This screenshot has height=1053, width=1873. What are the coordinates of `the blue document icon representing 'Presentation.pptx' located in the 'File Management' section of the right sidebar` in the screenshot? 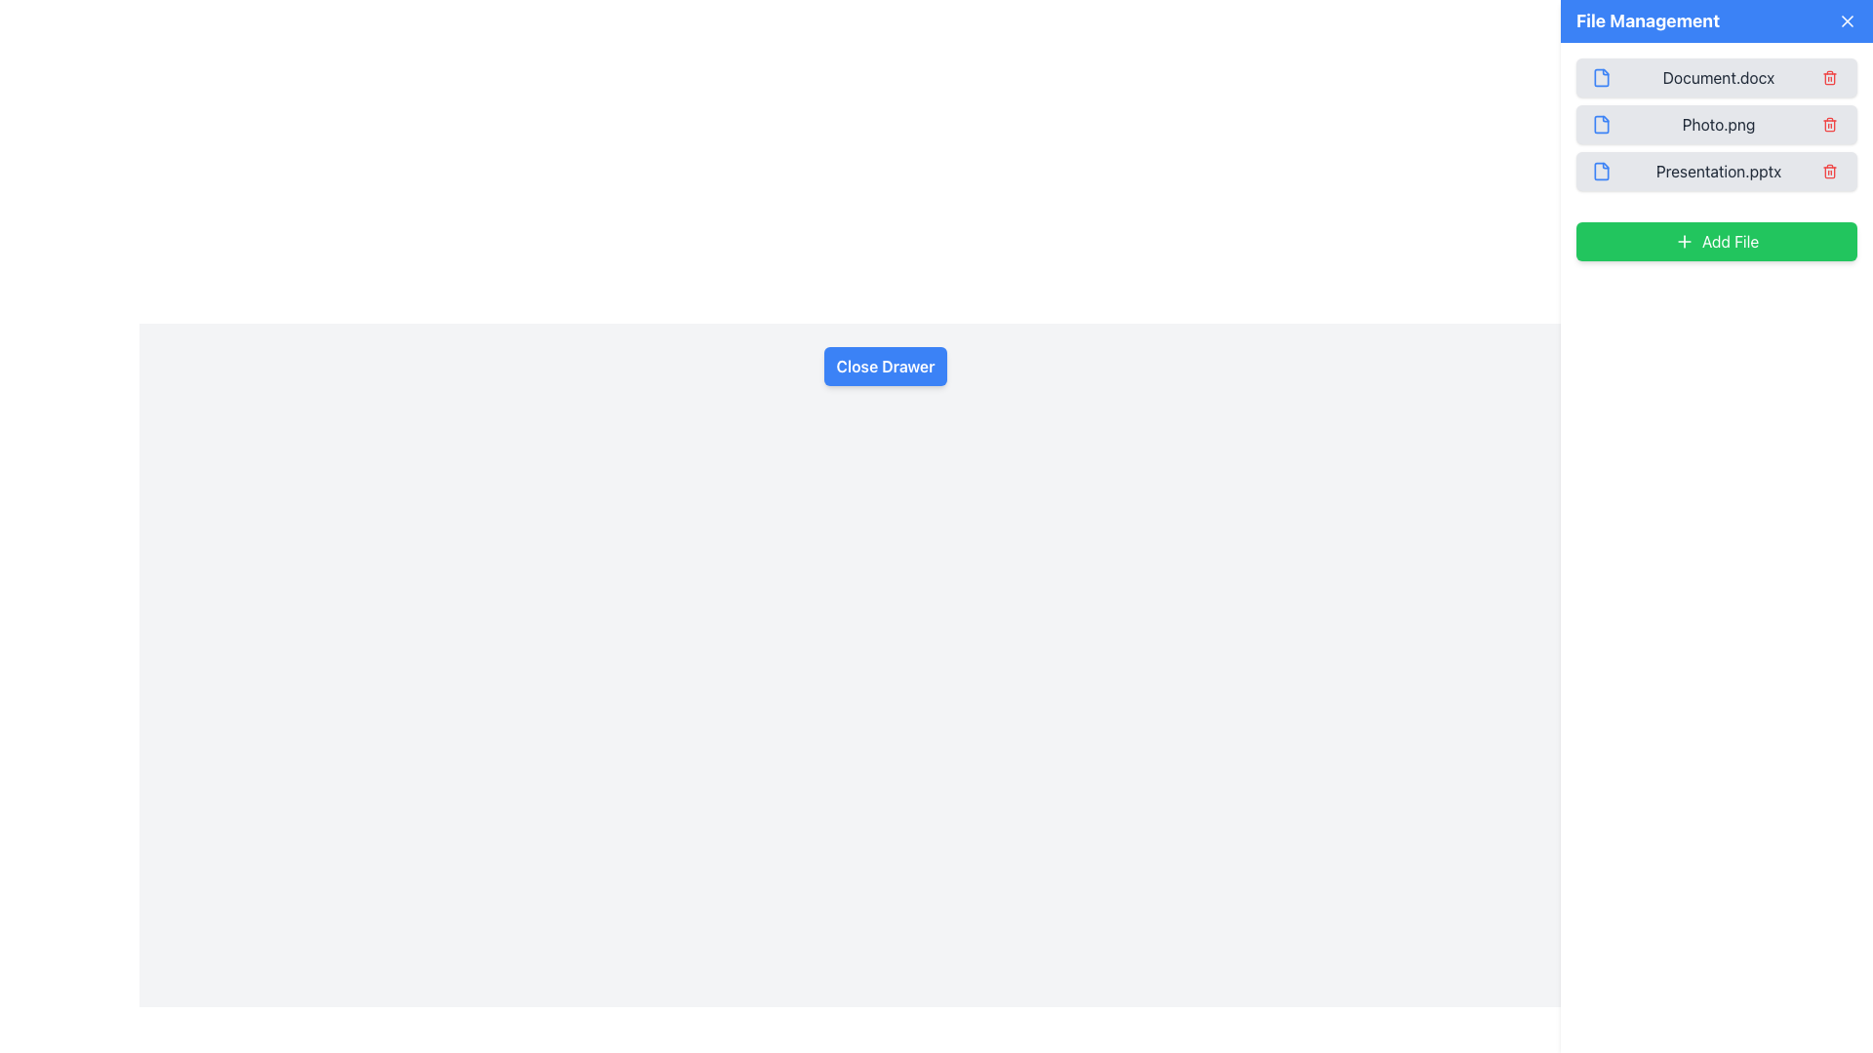 It's located at (1601, 171).